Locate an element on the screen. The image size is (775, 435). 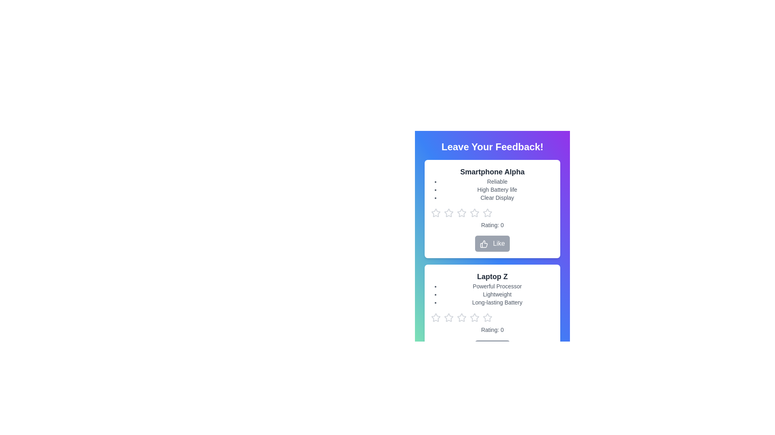
the text element displaying 'Laptop Z', which is centrally positioned in the lower card beneath 'Smartphone Alpha' is located at coordinates (492, 276).